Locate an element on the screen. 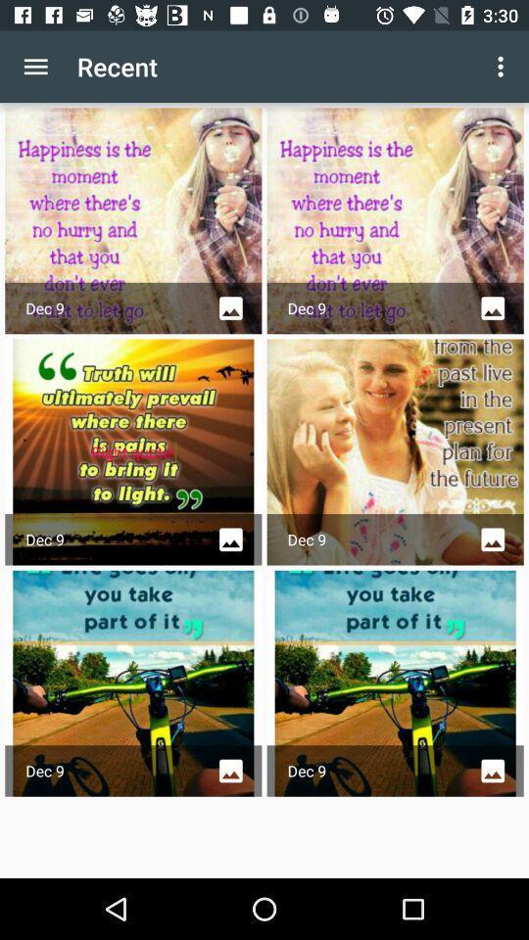  app next to the recent icon is located at coordinates (35, 67).